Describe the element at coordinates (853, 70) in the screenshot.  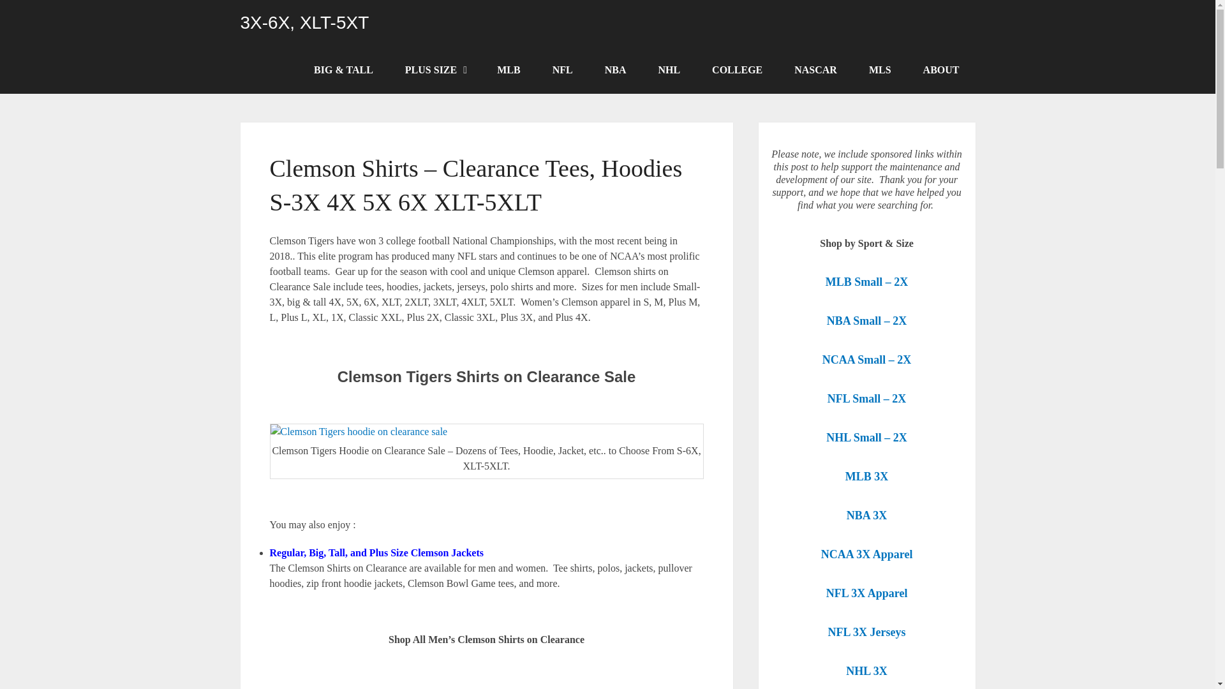
I see `'MLS'` at that location.